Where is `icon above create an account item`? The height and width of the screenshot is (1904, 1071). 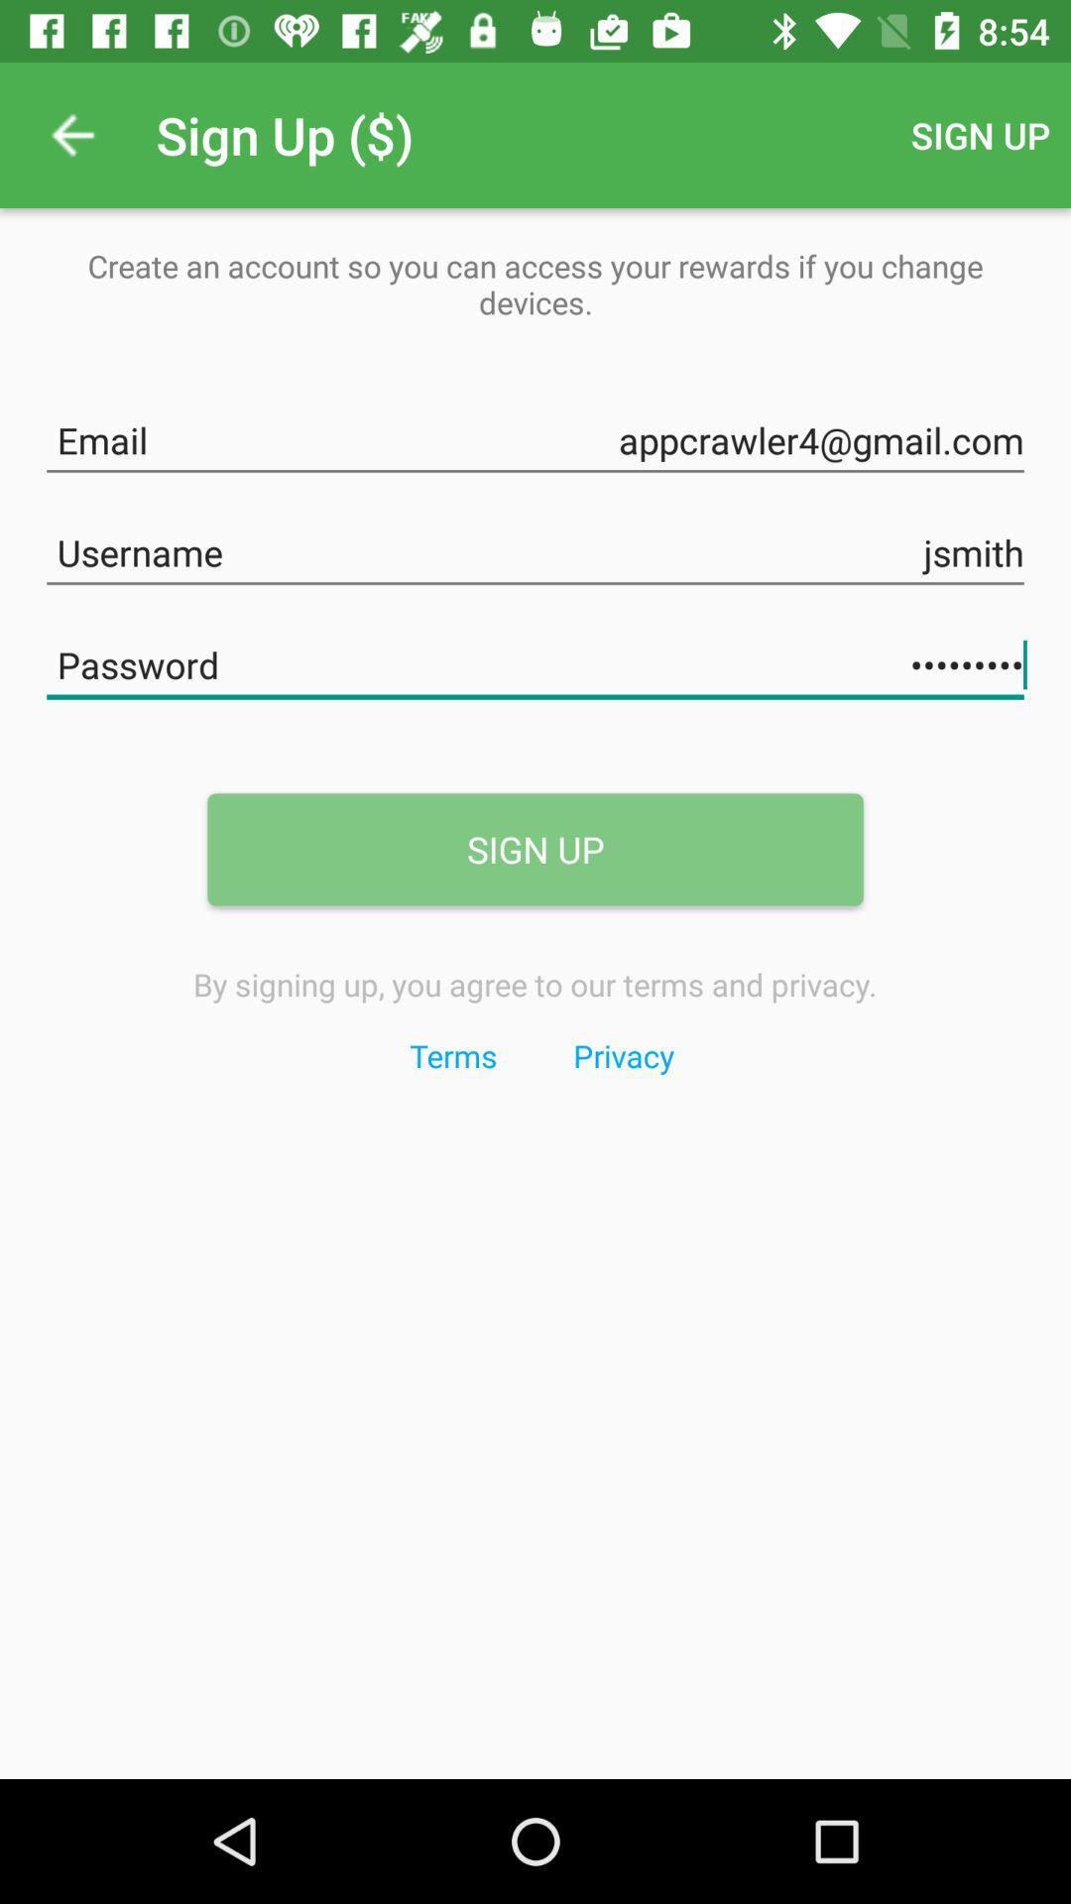 icon above create an account item is located at coordinates (71, 134).